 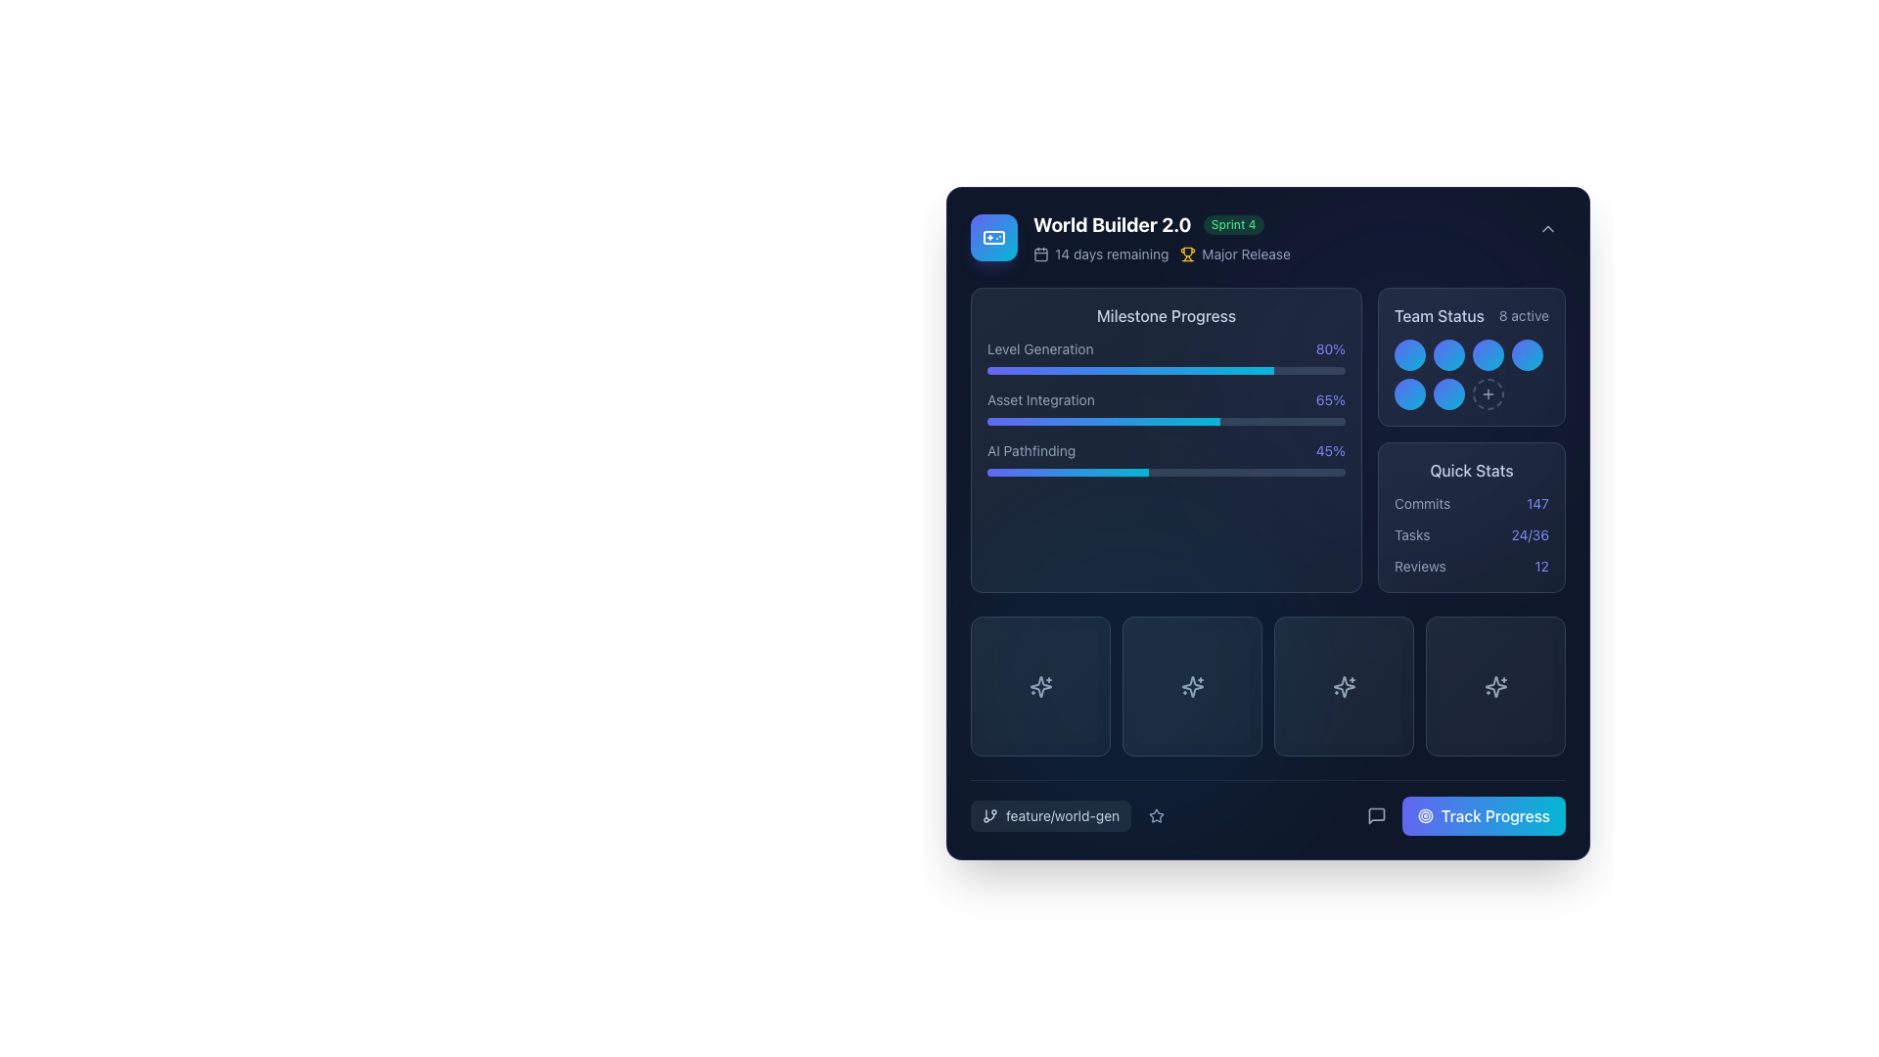 I want to click on the 'Level Generation' text label located in the 'Milestone Progress' section, which is aligned to the left of the '80%' text indicator, so click(x=1039, y=348).